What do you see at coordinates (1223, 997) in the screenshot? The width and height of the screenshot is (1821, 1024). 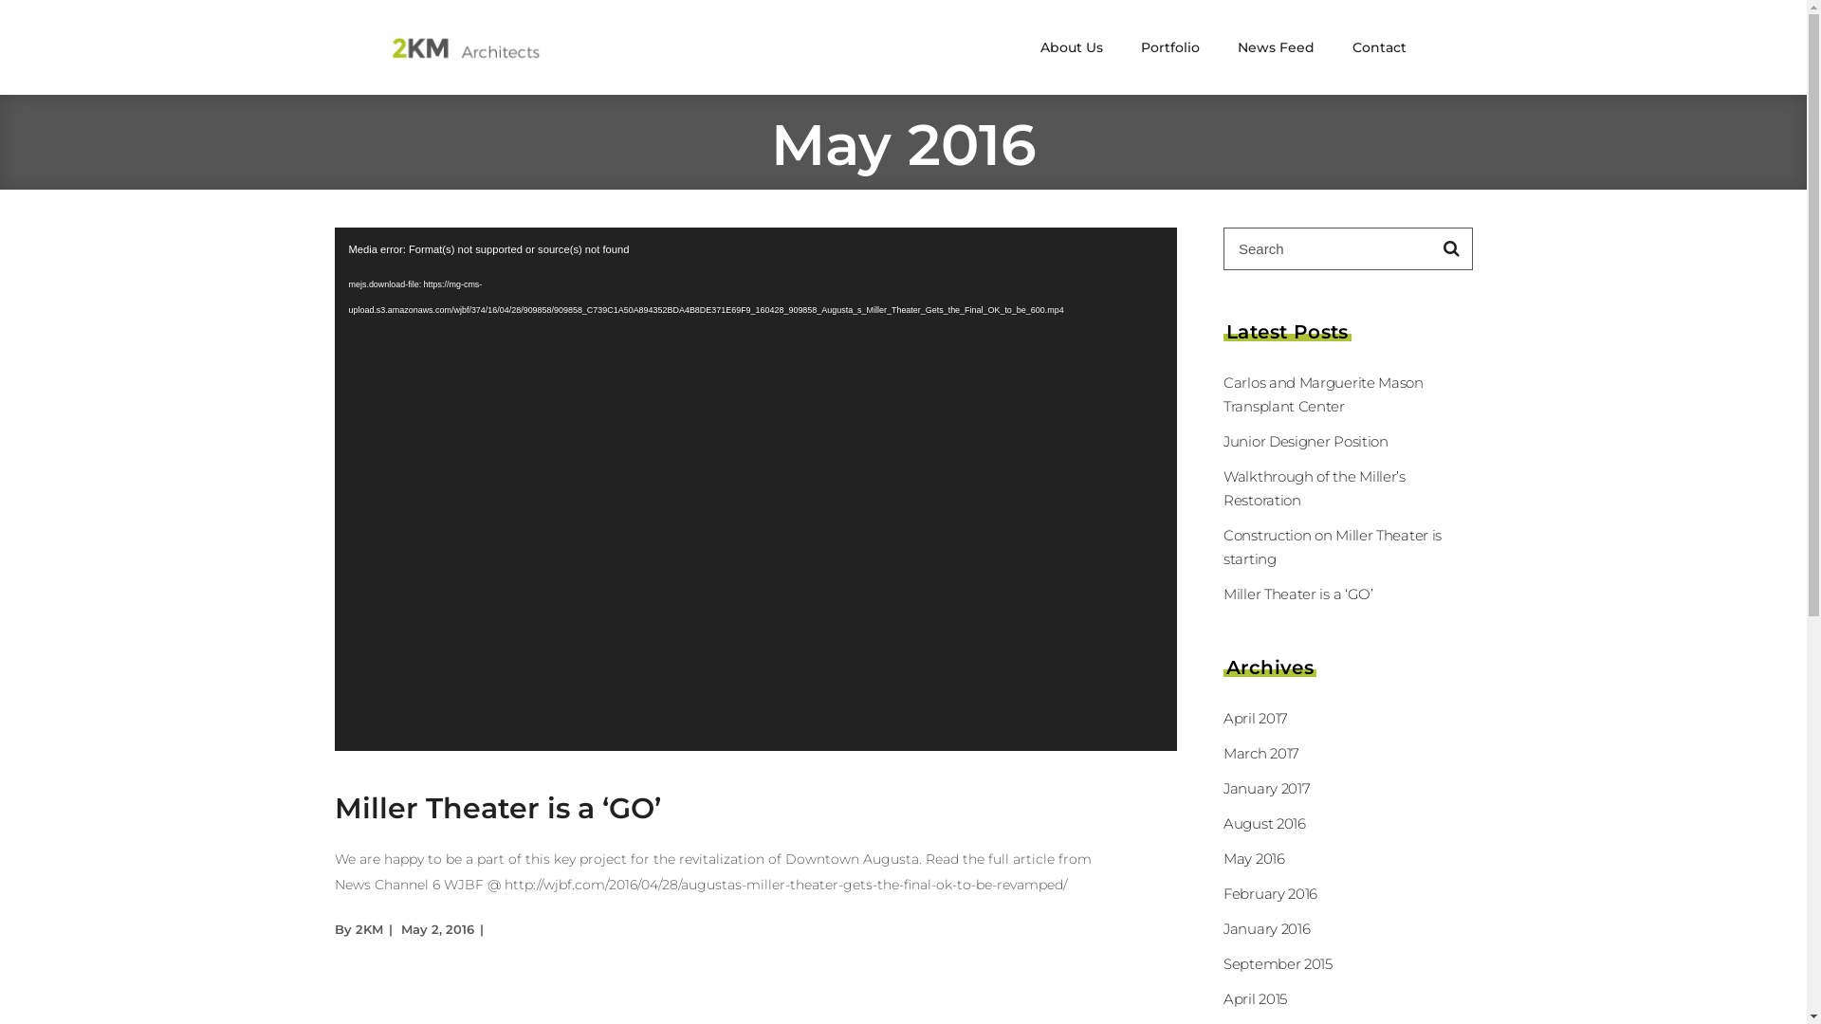 I see `'April 2015'` at bounding box center [1223, 997].